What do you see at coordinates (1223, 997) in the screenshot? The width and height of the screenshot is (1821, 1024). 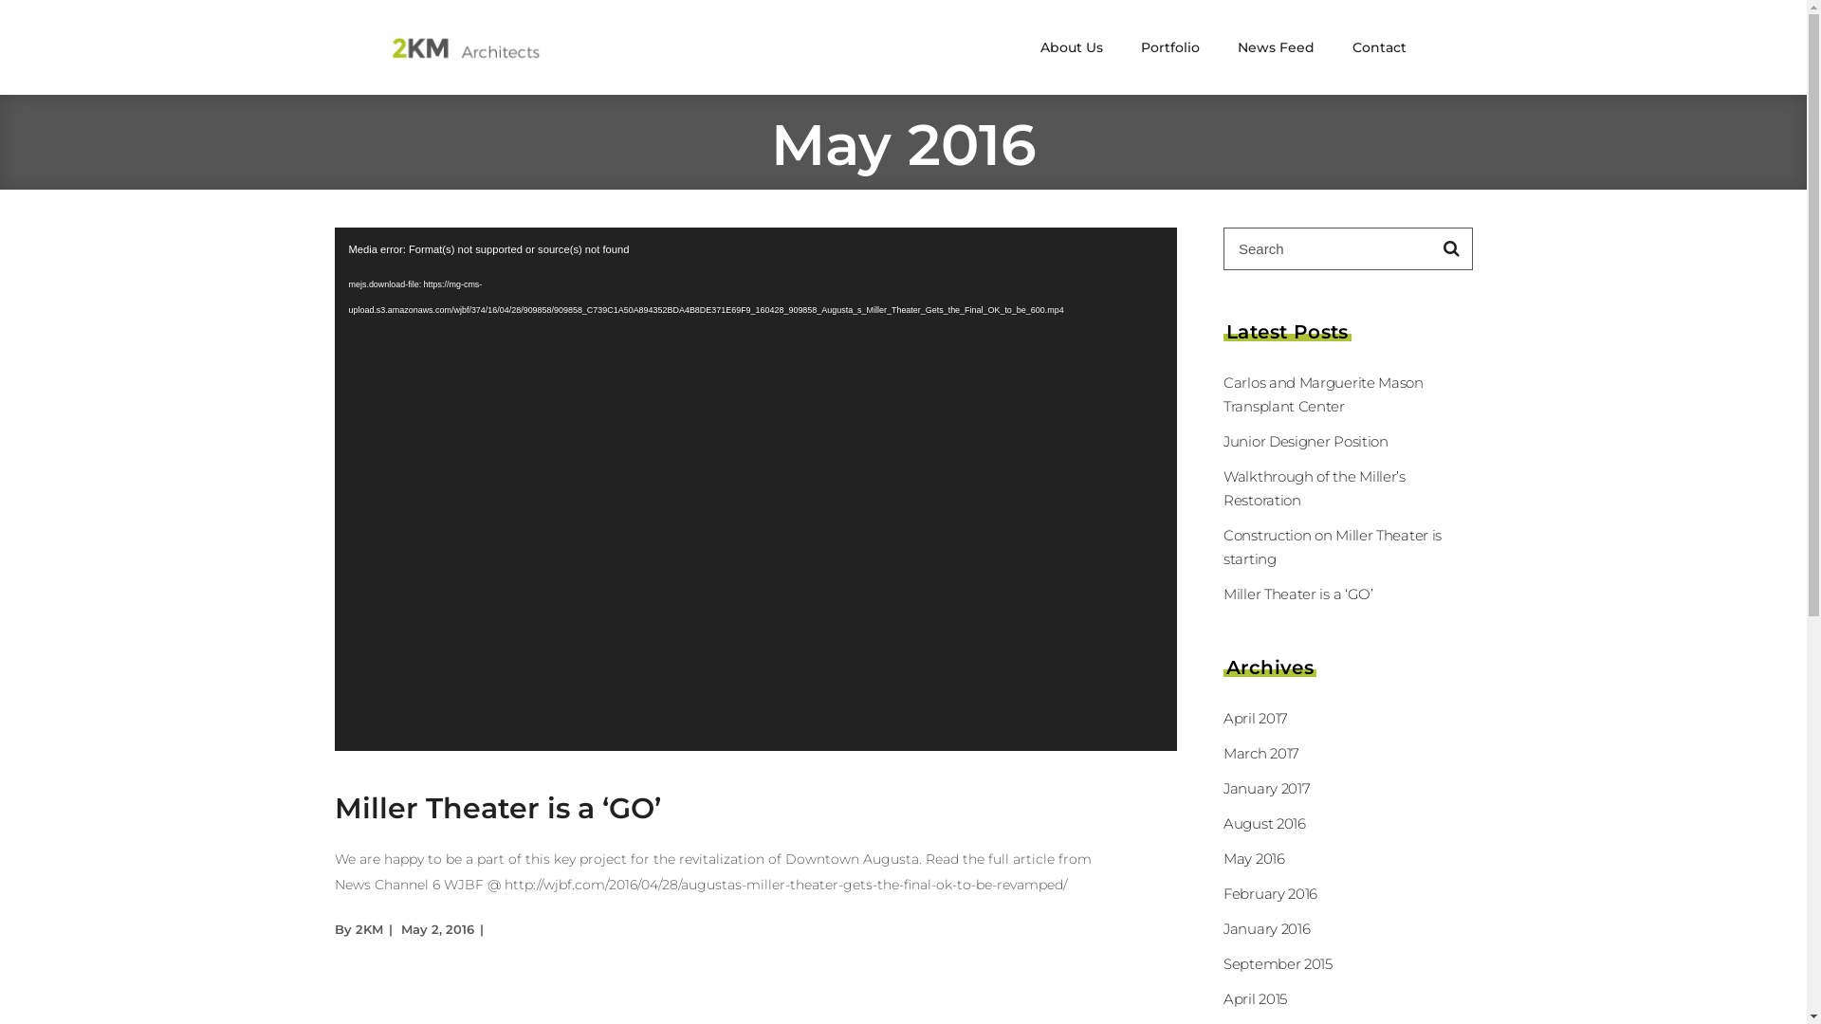 I see `'April 2015'` at bounding box center [1223, 997].